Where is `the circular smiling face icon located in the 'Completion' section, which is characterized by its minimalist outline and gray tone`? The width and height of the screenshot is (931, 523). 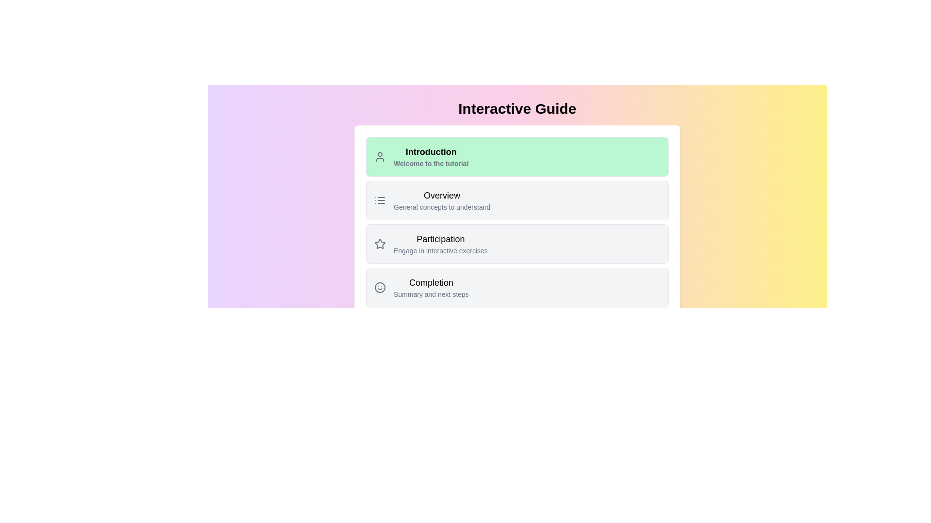
the circular smiling face icon located in the 'Completion' section, which is characterized by its minimalist outline and gray tone is located at coordinates (379, 287).